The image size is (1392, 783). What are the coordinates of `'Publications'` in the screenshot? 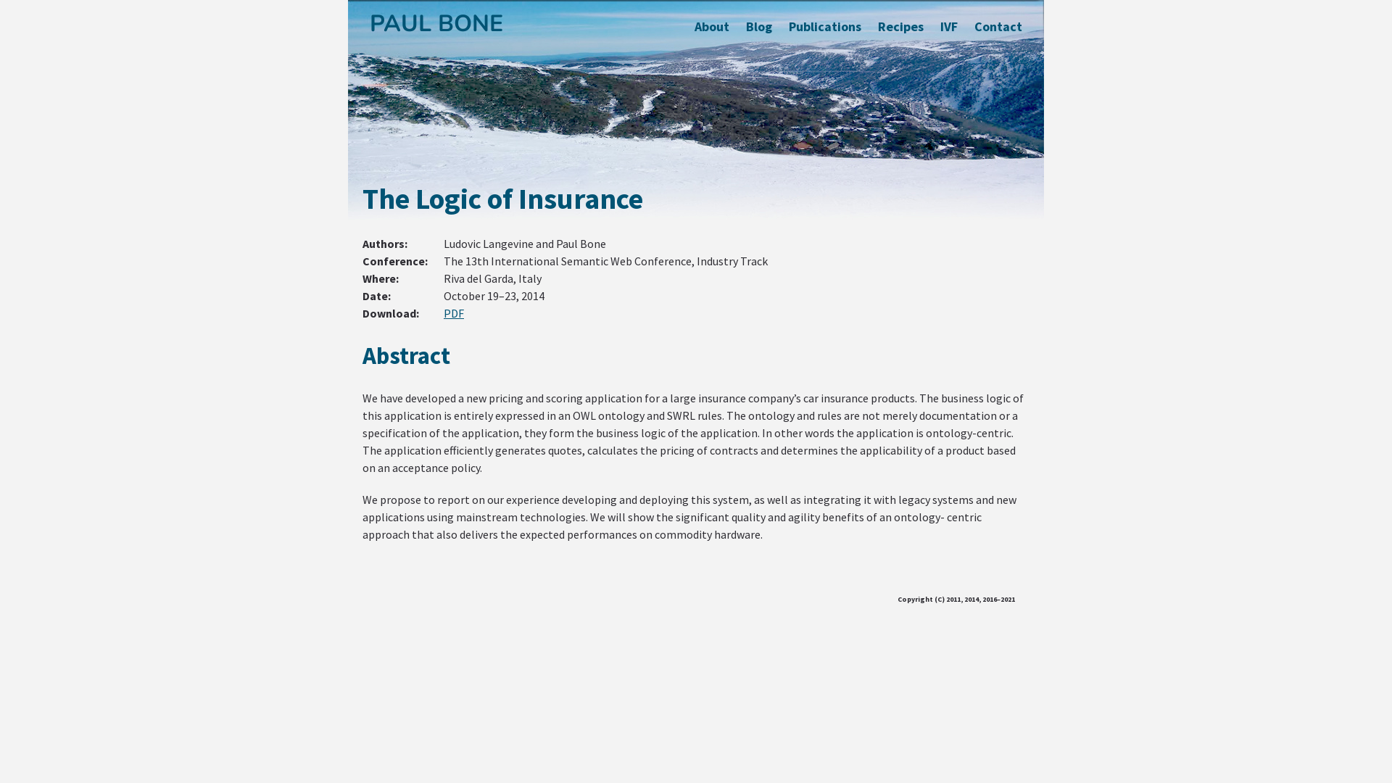 It's located at (824, 26).